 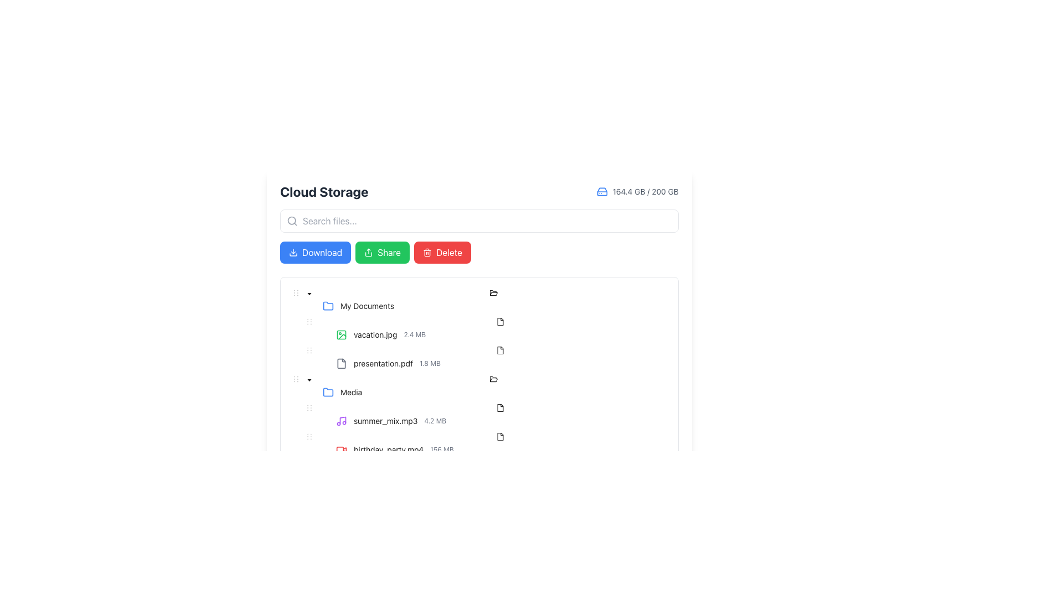 What do you see at coordinates (341, 334) in the screenshot?
I see `the small, green-outlined square icon resembling an image frame, which is positioned to the left of the text 'vacation.jpg'` at bounding box center [341, 334].